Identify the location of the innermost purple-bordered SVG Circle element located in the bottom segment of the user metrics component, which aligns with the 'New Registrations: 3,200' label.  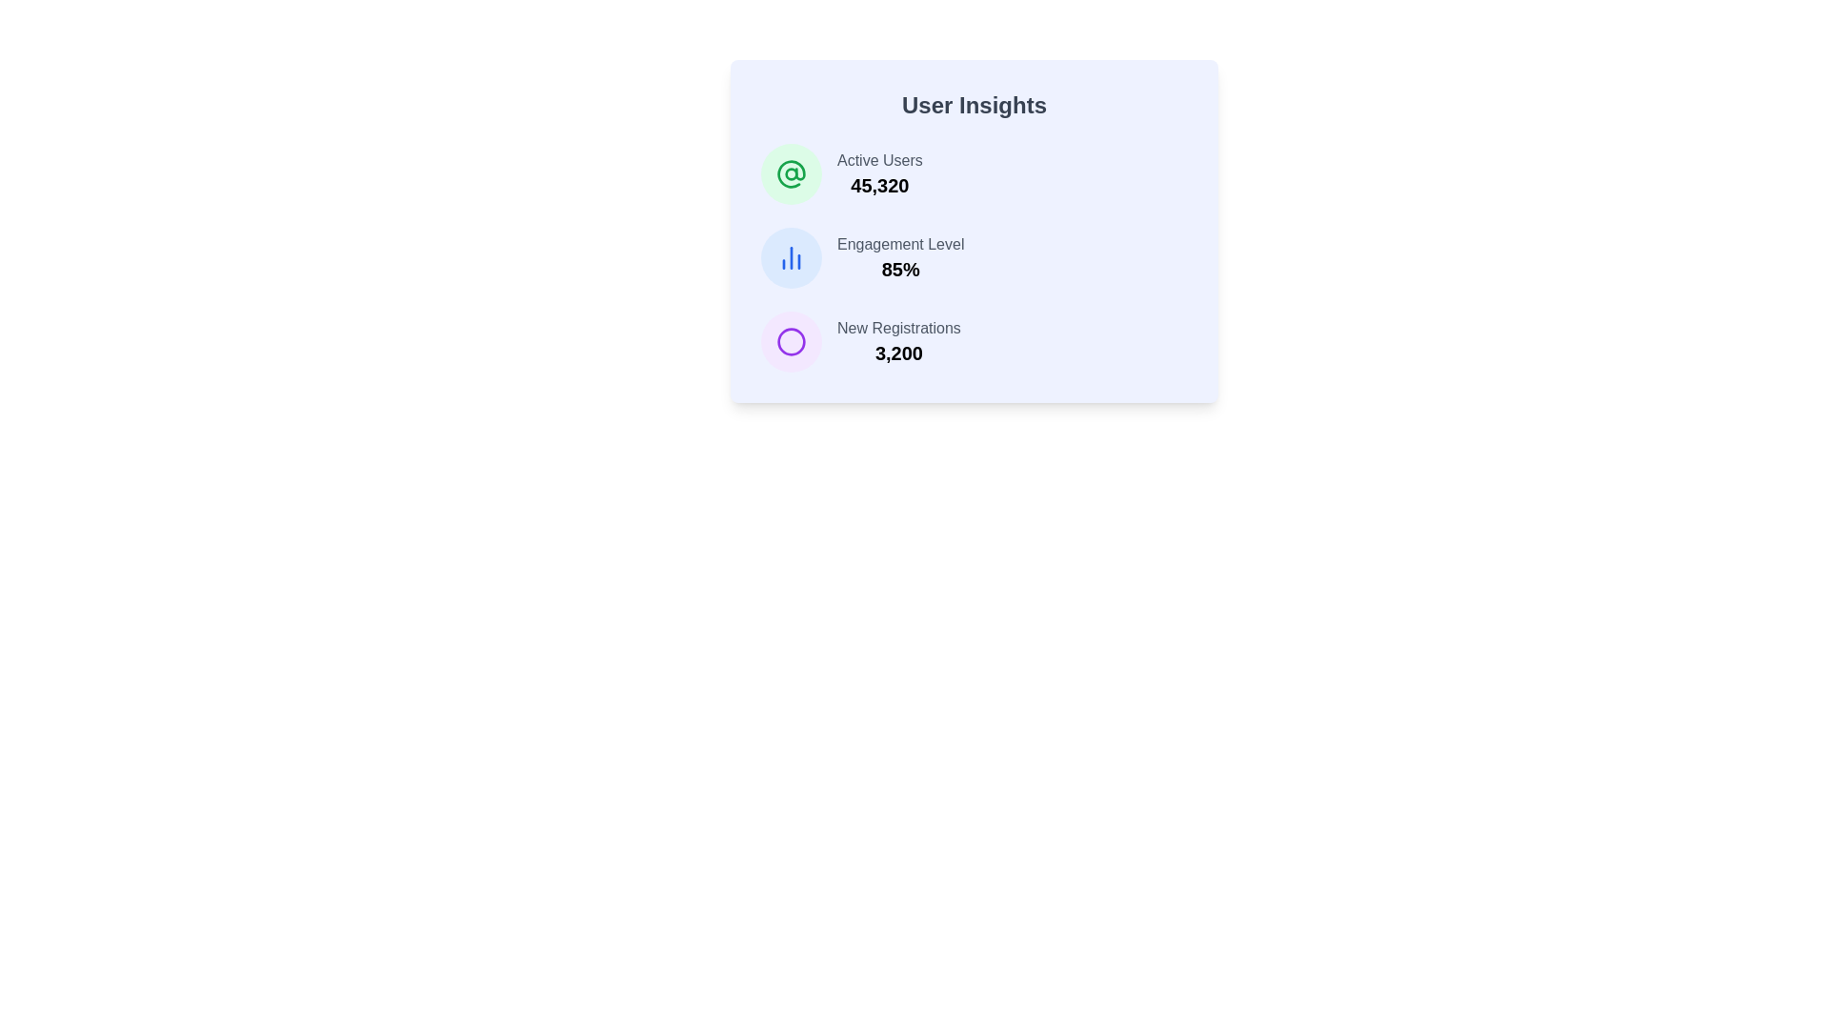
(791, 340).